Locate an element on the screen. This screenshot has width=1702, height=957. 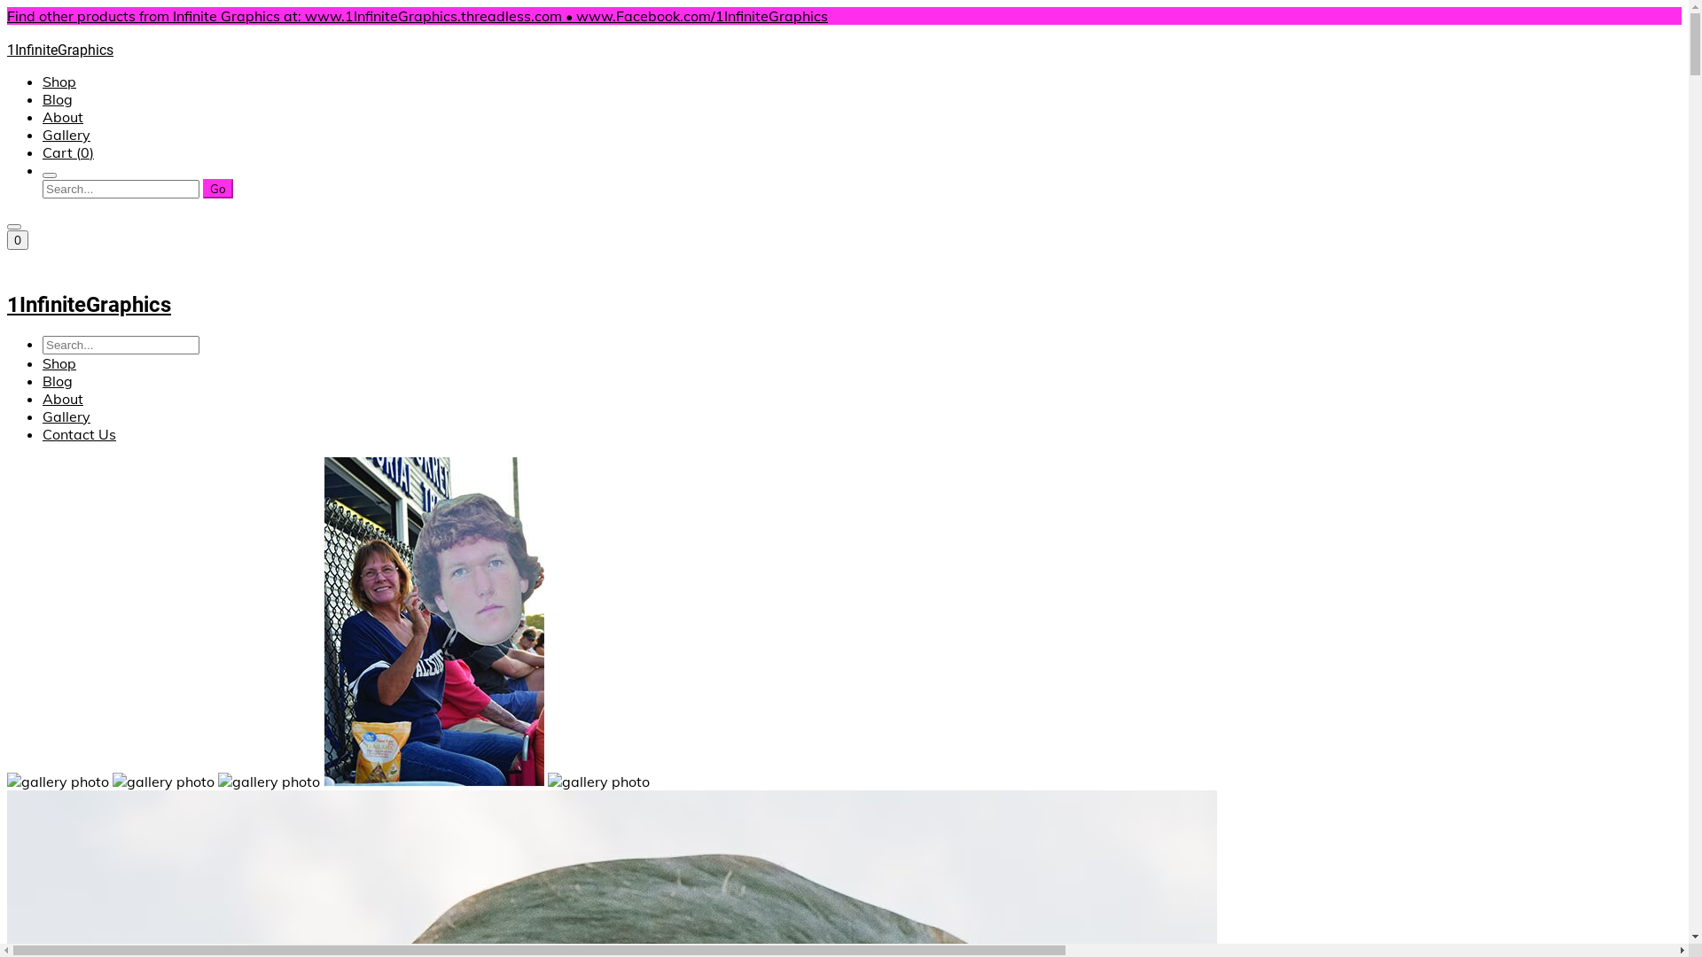
'About' is located at coordinates (63, 399).